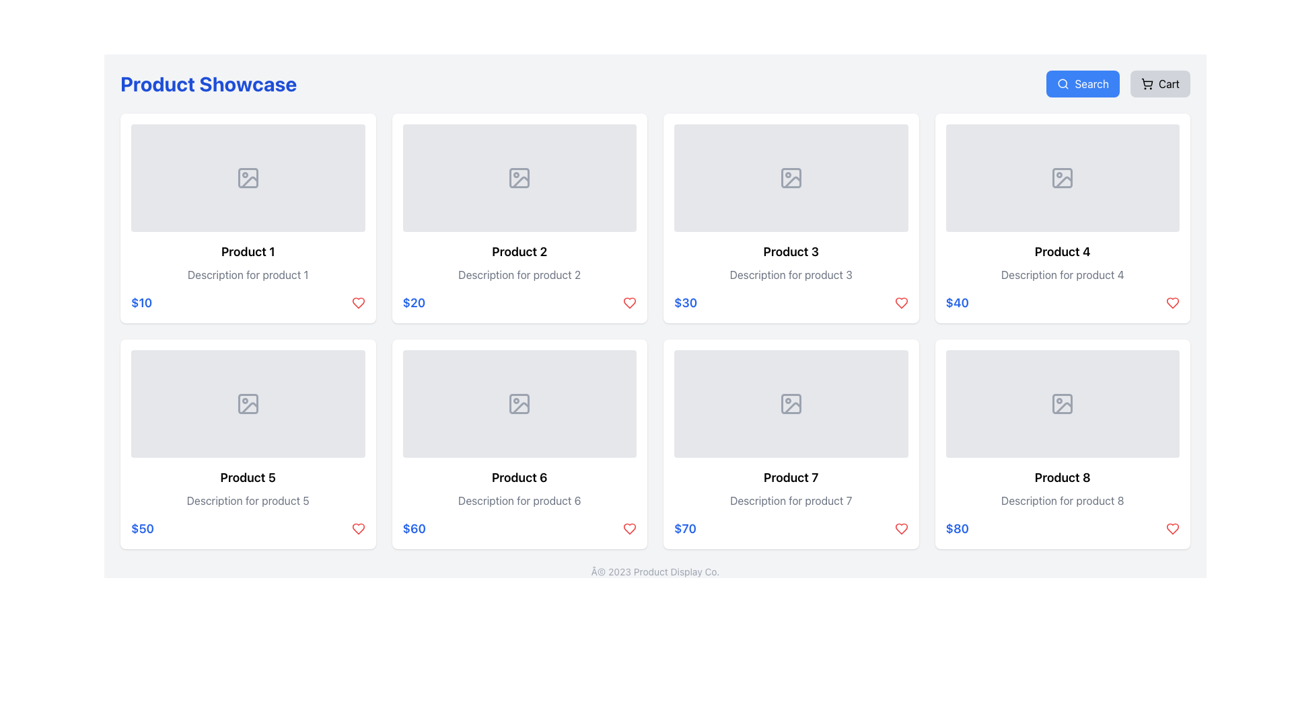  What do you see at coordinates (901, 528) in the screenshot?
I see `the button to express interest in or save 'Product 7', located to the right of the price label '$70' at the bottom-right corner of the product card` at bounding box center [901, 528].